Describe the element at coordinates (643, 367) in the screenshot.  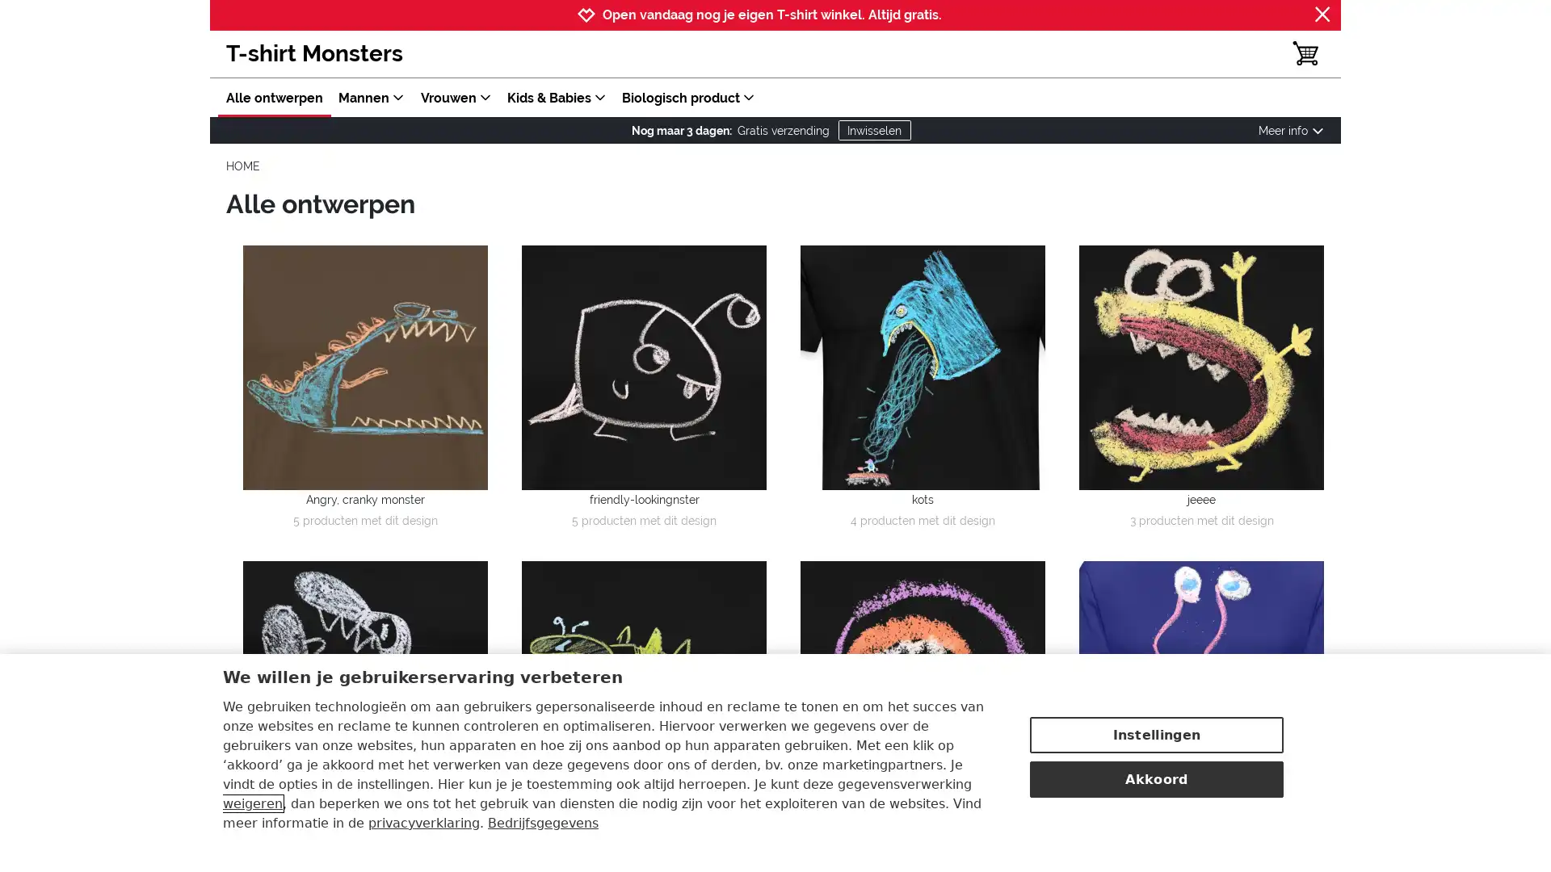
I see `friendly-lookingnster - Mannen Premium T-shirt` at that location.